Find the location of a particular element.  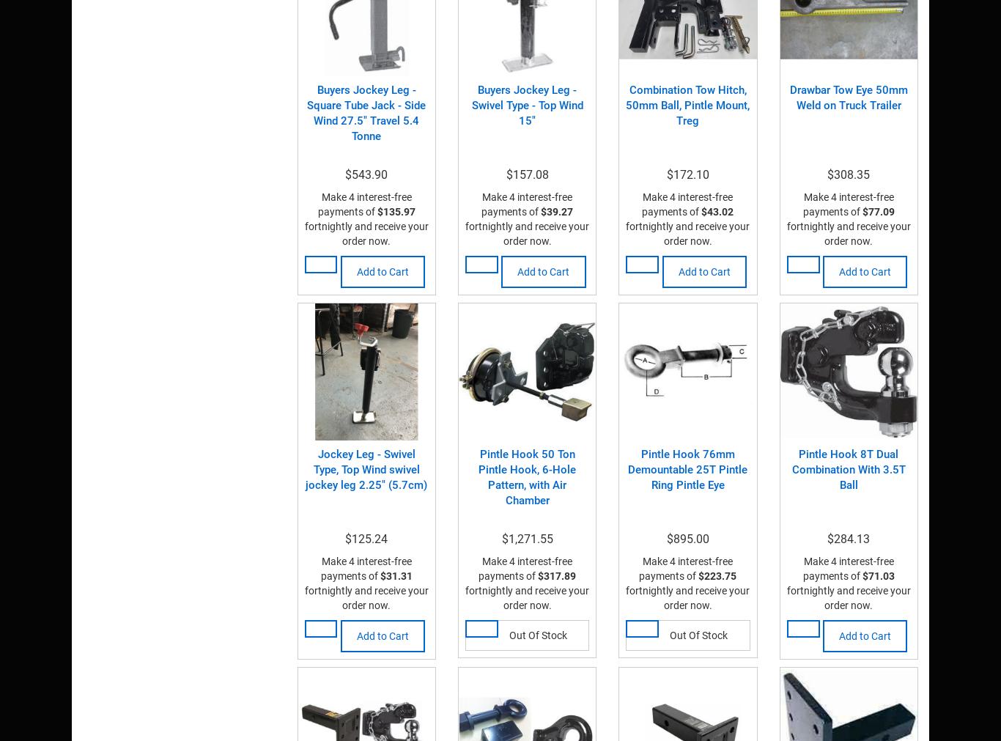

'$43.02' is located at coordinates (717, 211).